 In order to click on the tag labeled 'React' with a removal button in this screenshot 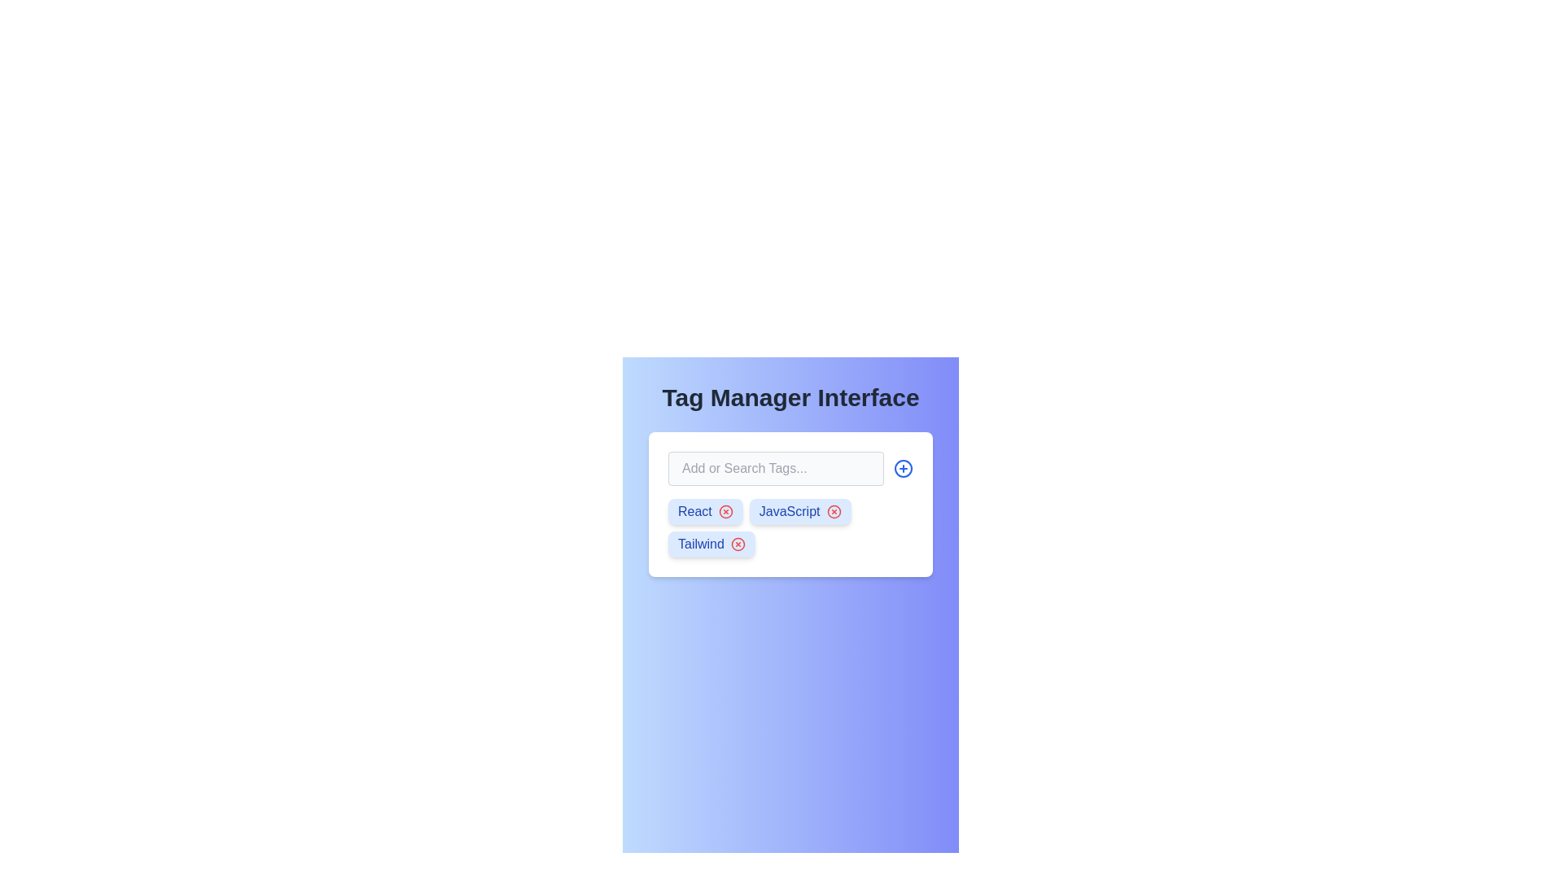, I will do `click(705, 510)`.